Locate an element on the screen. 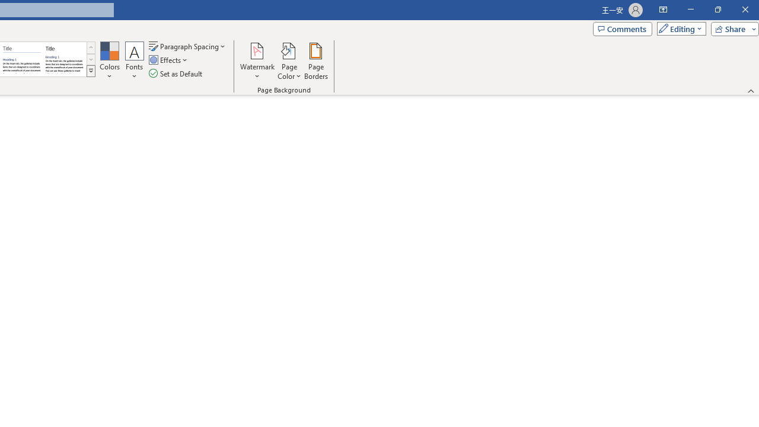  'Word 2013' is located at coordinates (63, 59).